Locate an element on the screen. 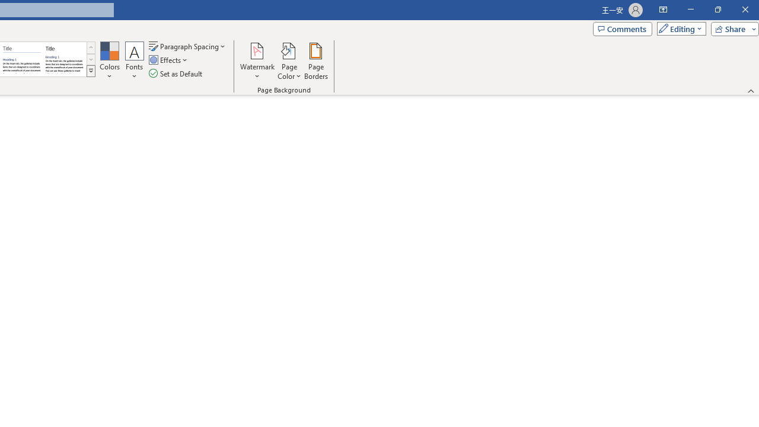  'Word 2013' is located at coordinates (63, 59).